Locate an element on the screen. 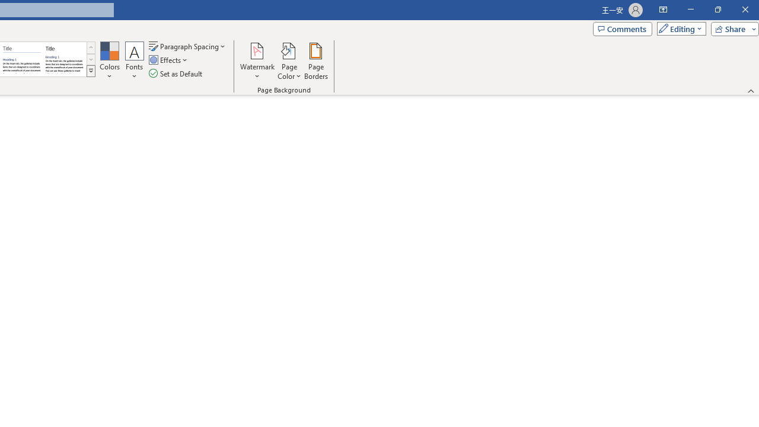  'Word 2013' is located at coordinates (63, 59).